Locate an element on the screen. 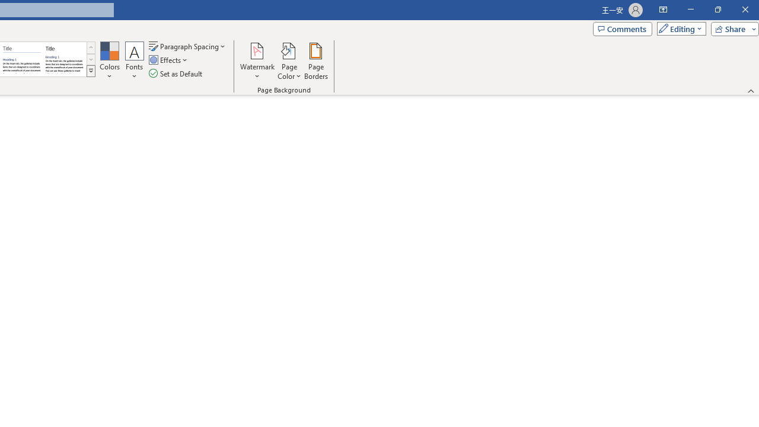  'Word 2013' is located at coordinates (63, 59).